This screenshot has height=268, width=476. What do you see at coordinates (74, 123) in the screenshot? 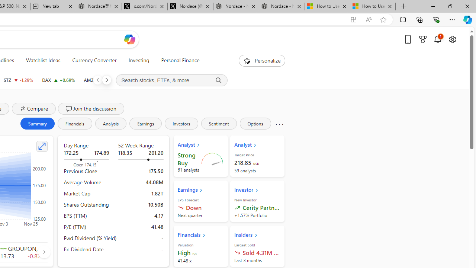
I see `'Financials'` at bounding box center [74, 123].